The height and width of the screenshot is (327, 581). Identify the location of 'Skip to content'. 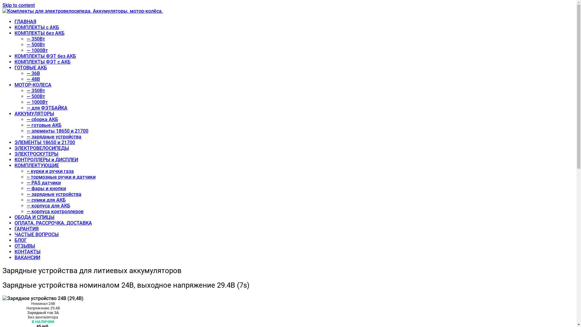
(18, 5).